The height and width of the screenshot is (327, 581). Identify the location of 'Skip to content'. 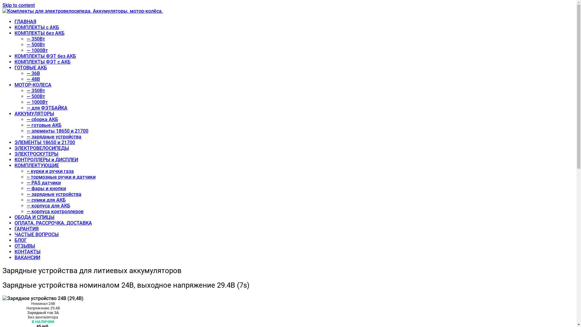
(18, 5).